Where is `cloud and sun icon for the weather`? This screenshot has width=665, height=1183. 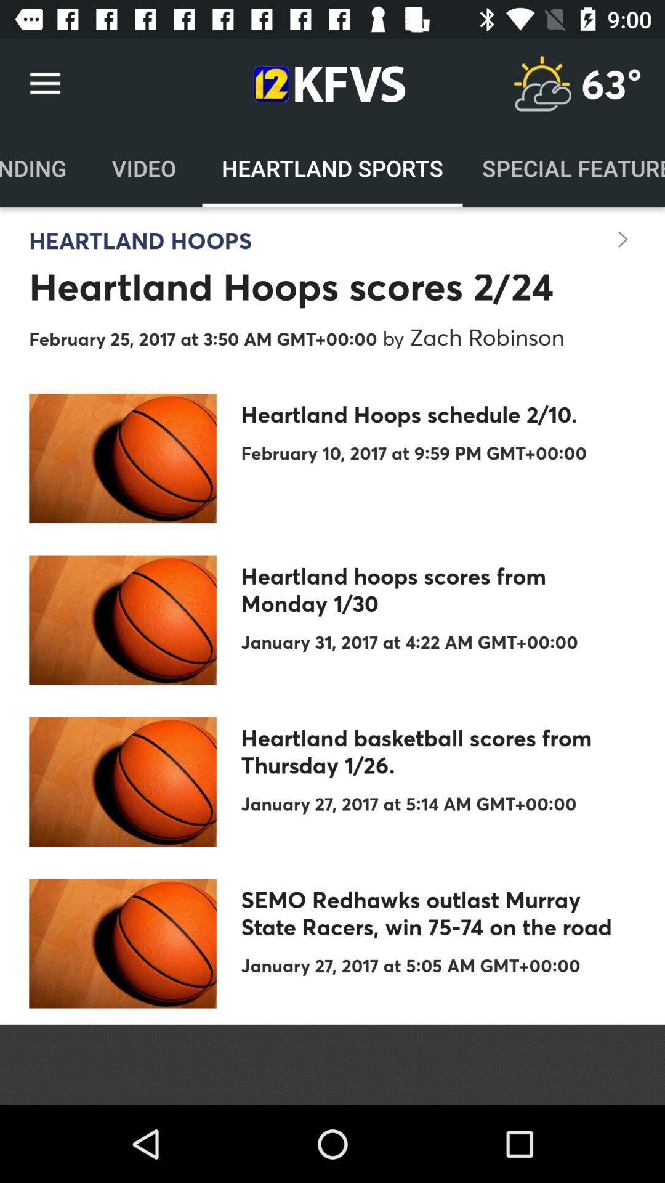 cloud and sun icon for the weather is located at coordinates (541, 83).